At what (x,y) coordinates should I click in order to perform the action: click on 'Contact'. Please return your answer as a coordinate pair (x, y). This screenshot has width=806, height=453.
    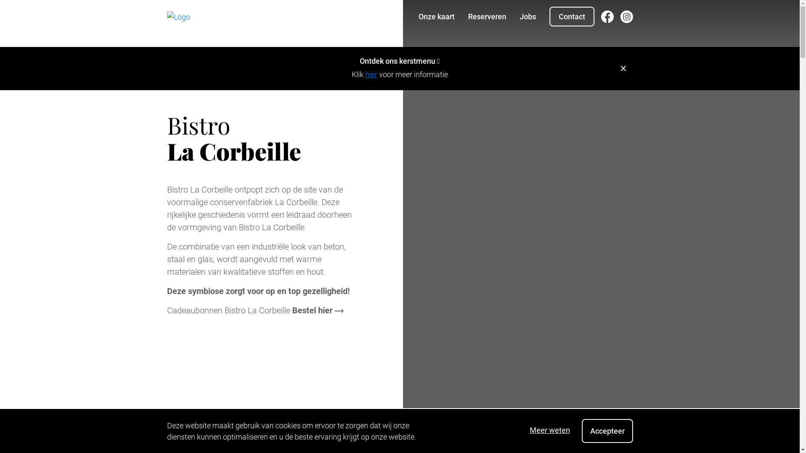
    Looking at the image, I should click on (571, 16).